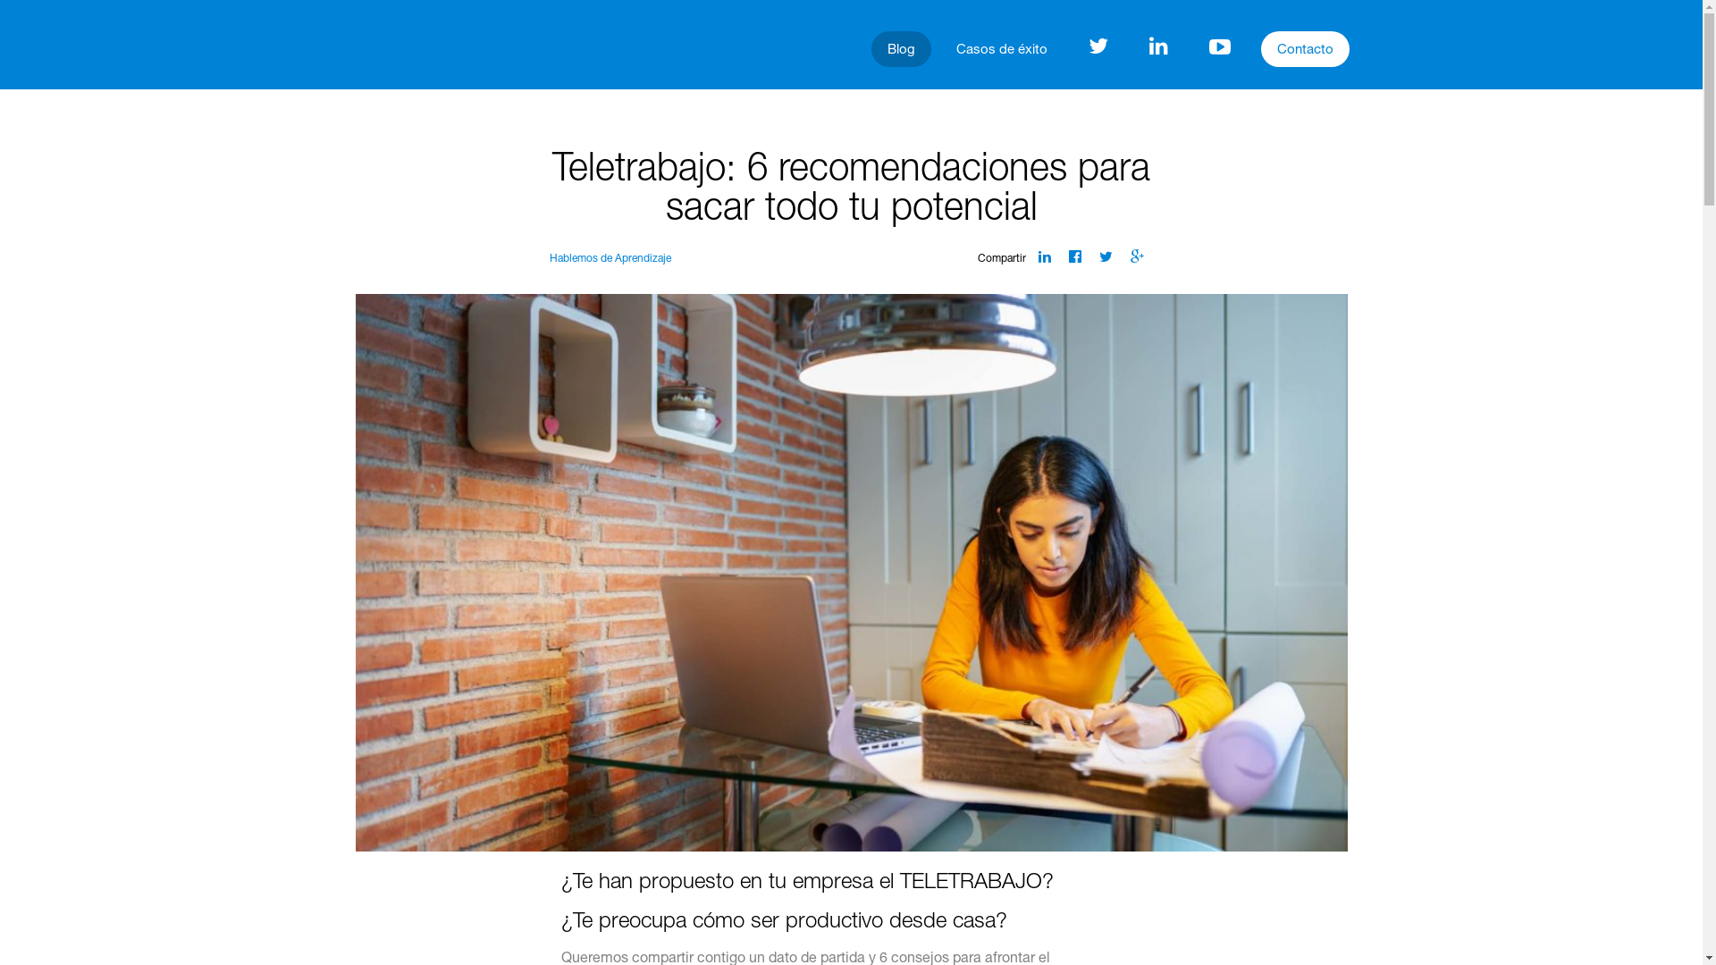  I want to click on 'Twitter', so click(1098, 257).